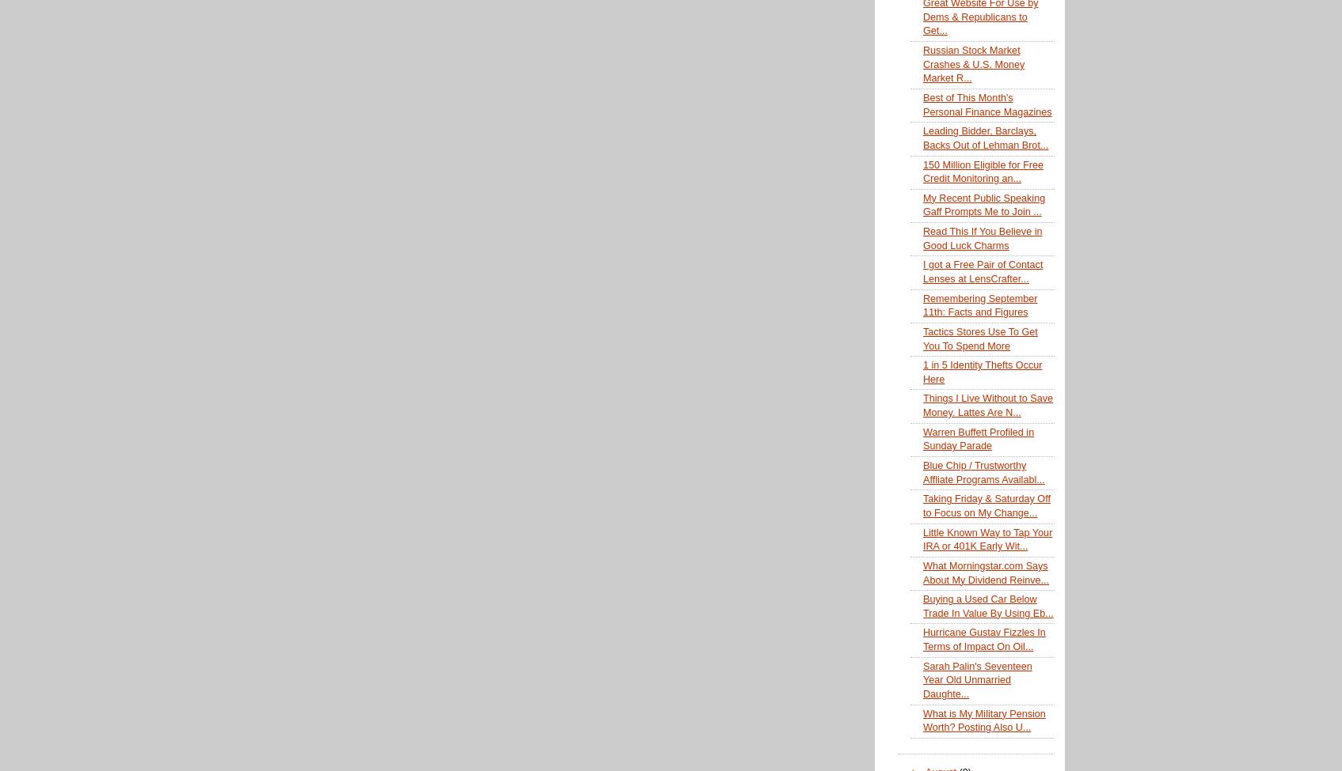 This screenshot has width=1342, height=771. I want to click on 'Leading Bidder, Barclays, Backs Out of Lehman Brot...', so click(984, 137).